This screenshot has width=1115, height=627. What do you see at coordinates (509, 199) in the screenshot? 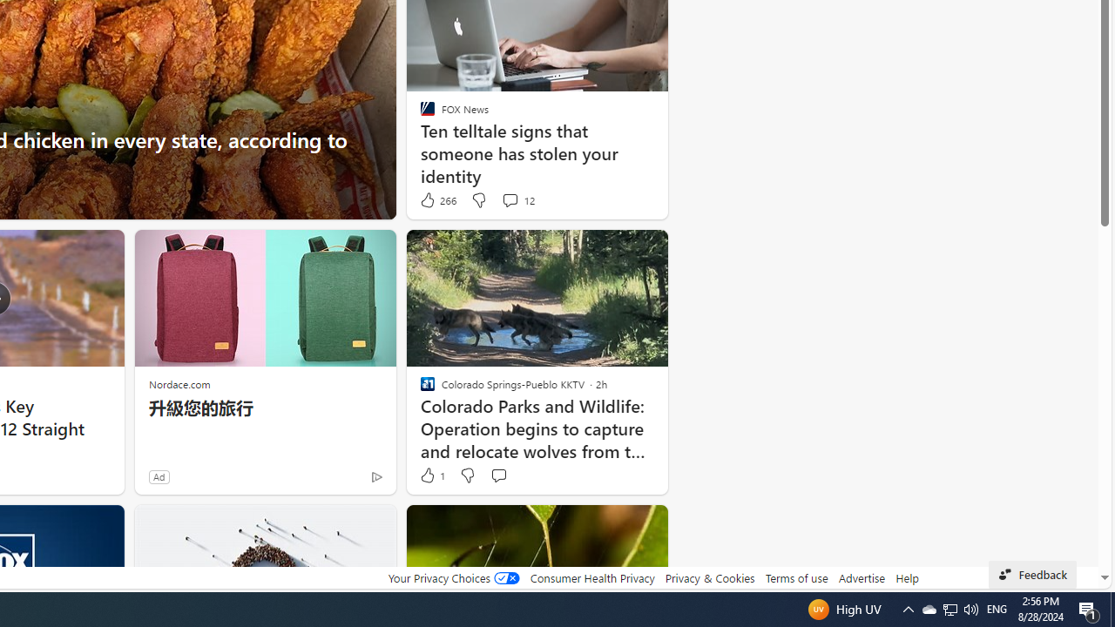
I see `'View comments 12 Comment'` at bounding box center [509, 199].